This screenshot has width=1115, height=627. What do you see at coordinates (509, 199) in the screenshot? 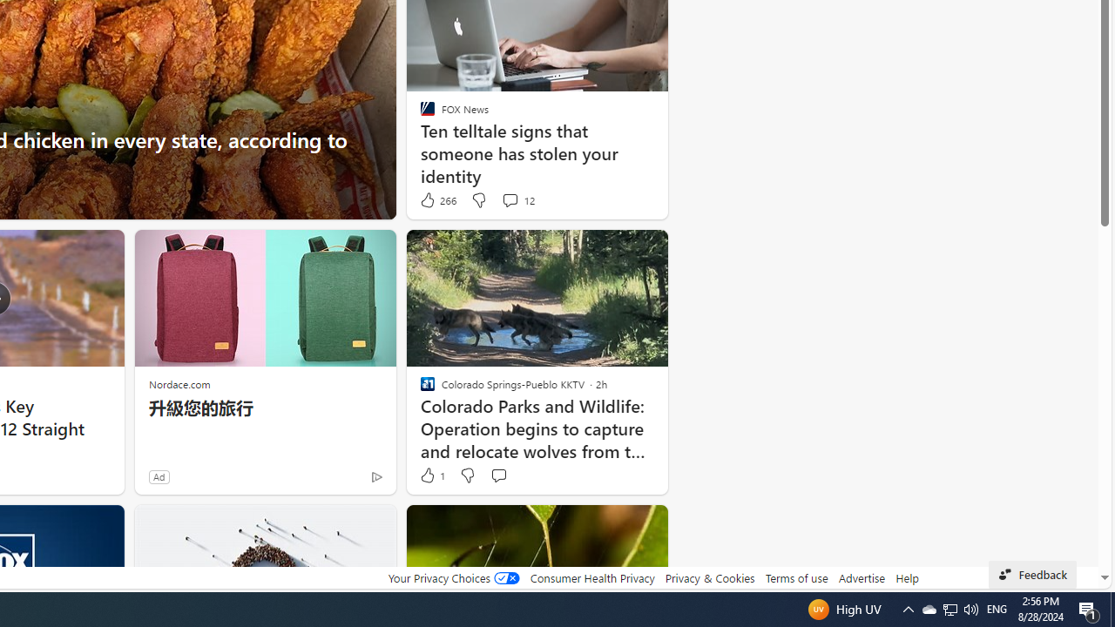
I see `'View comments 12 Comment'` at bounding box center [509, 199].